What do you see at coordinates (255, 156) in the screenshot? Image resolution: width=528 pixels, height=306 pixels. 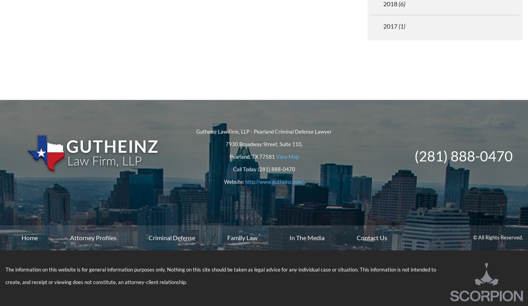 I see `'TX'` at bounding box center [255, 156].